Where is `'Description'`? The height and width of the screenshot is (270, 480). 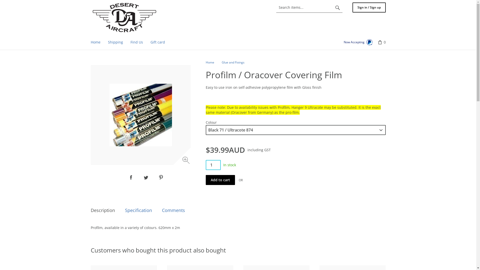
'Description' is located at coordinates (102, 210).